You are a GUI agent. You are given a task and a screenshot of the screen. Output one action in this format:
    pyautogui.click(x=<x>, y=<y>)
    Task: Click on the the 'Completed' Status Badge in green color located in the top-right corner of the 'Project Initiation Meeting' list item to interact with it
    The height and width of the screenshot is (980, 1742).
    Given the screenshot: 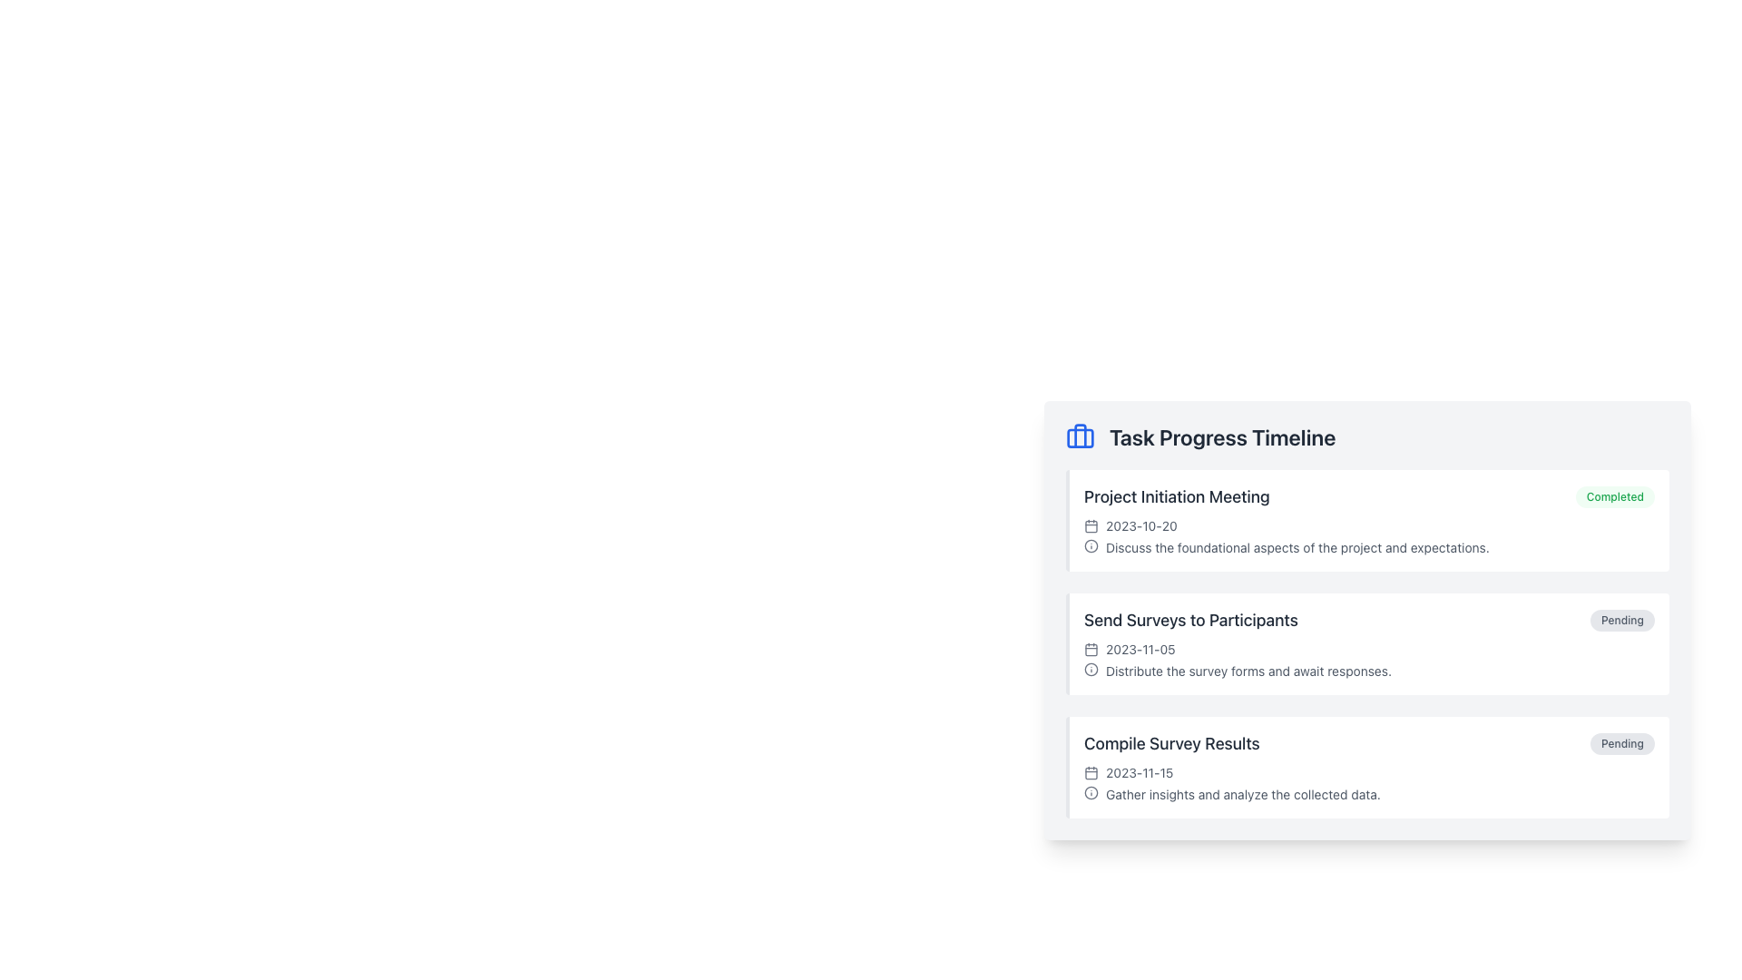 What is the action you would take?
    pyautogui.click(x=1615, y=496)
    